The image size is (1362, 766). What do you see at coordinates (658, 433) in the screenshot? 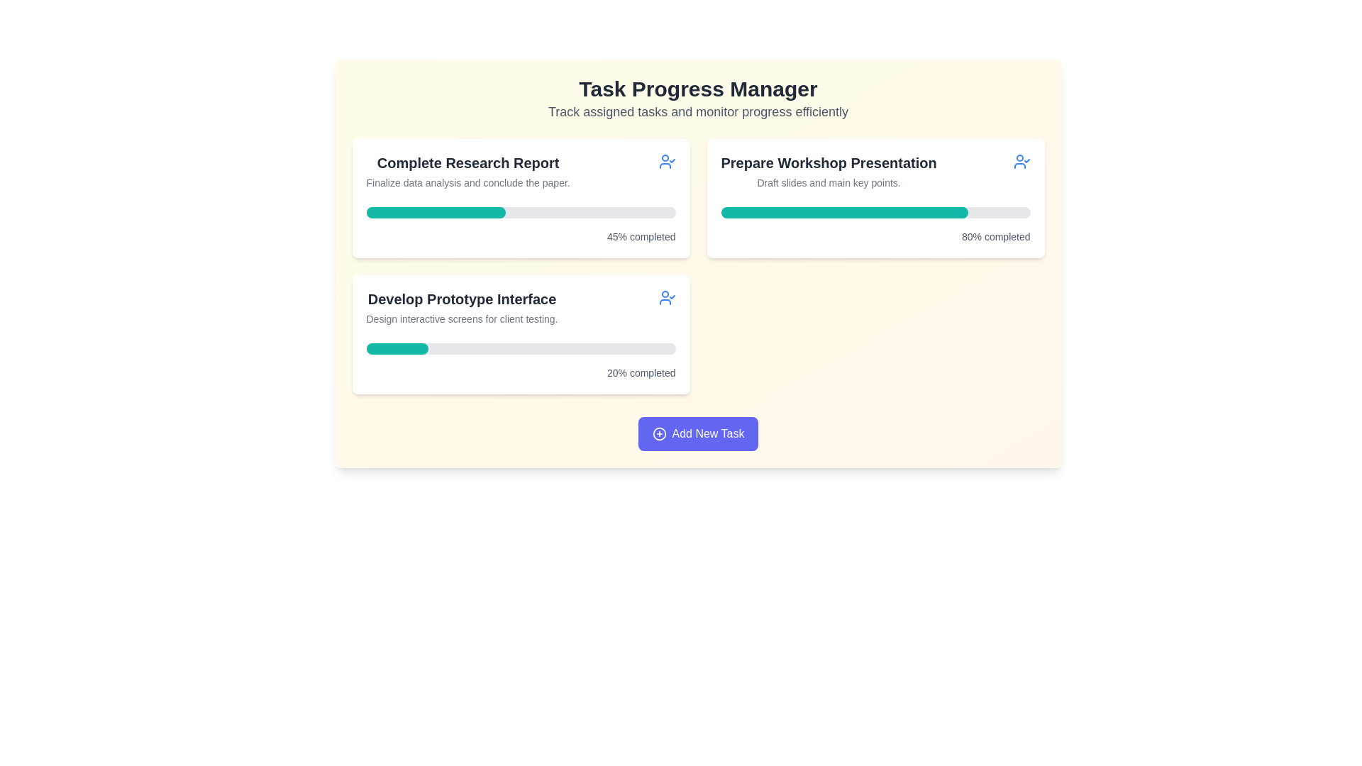
I see `the circular SVG graphical element within the 'Add New Task' button located at the bottom-center of the interface` at bounding box center [658, 433].